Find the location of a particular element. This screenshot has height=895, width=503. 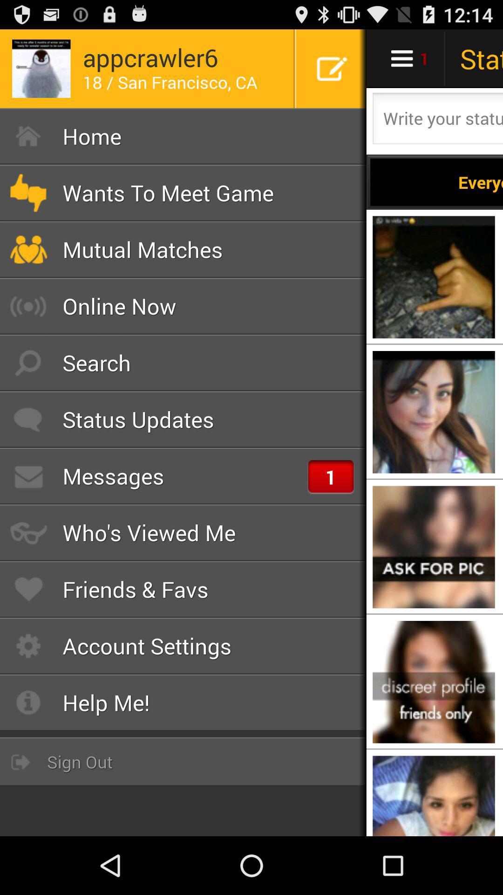

sign out button is located at coordinates (183, 762).